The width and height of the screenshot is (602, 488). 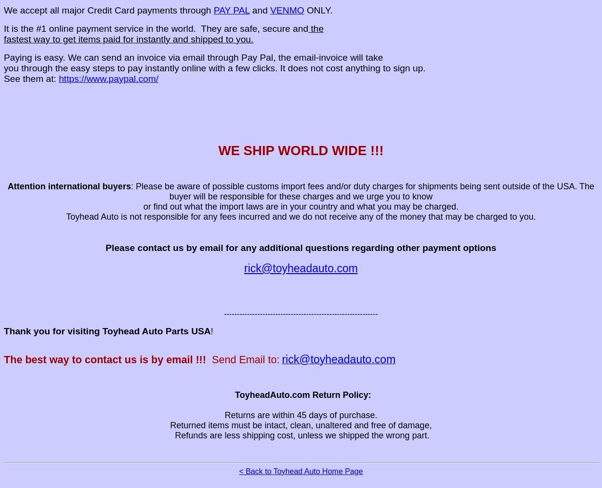 I want to click on 'VENMO', so click(x=270, y=9).